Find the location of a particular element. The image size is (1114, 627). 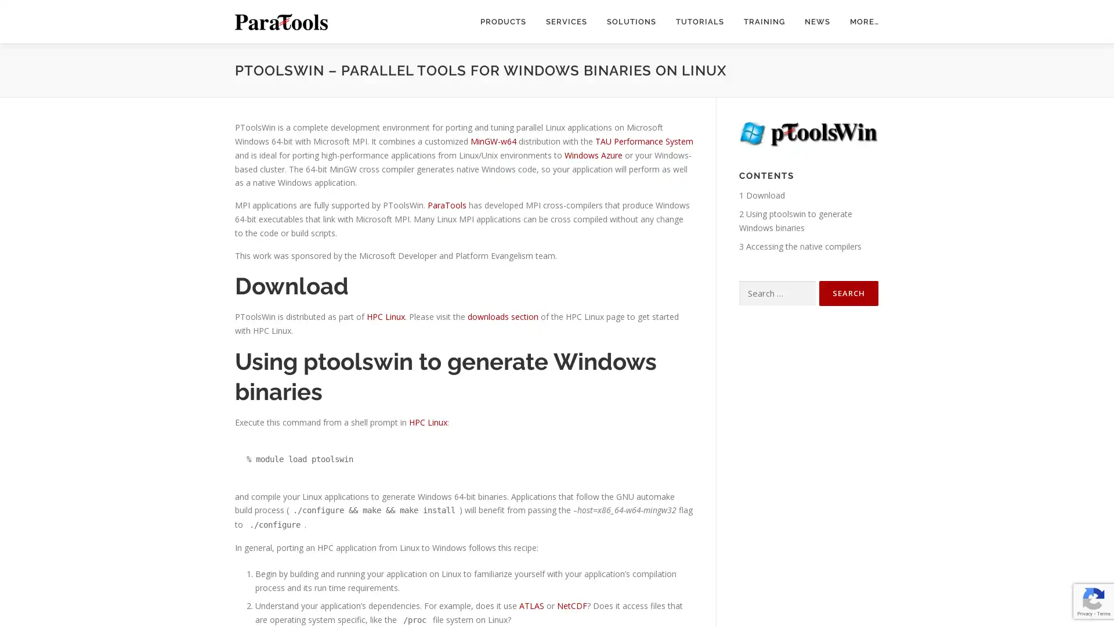

Search is located at coordinates (849, 293).